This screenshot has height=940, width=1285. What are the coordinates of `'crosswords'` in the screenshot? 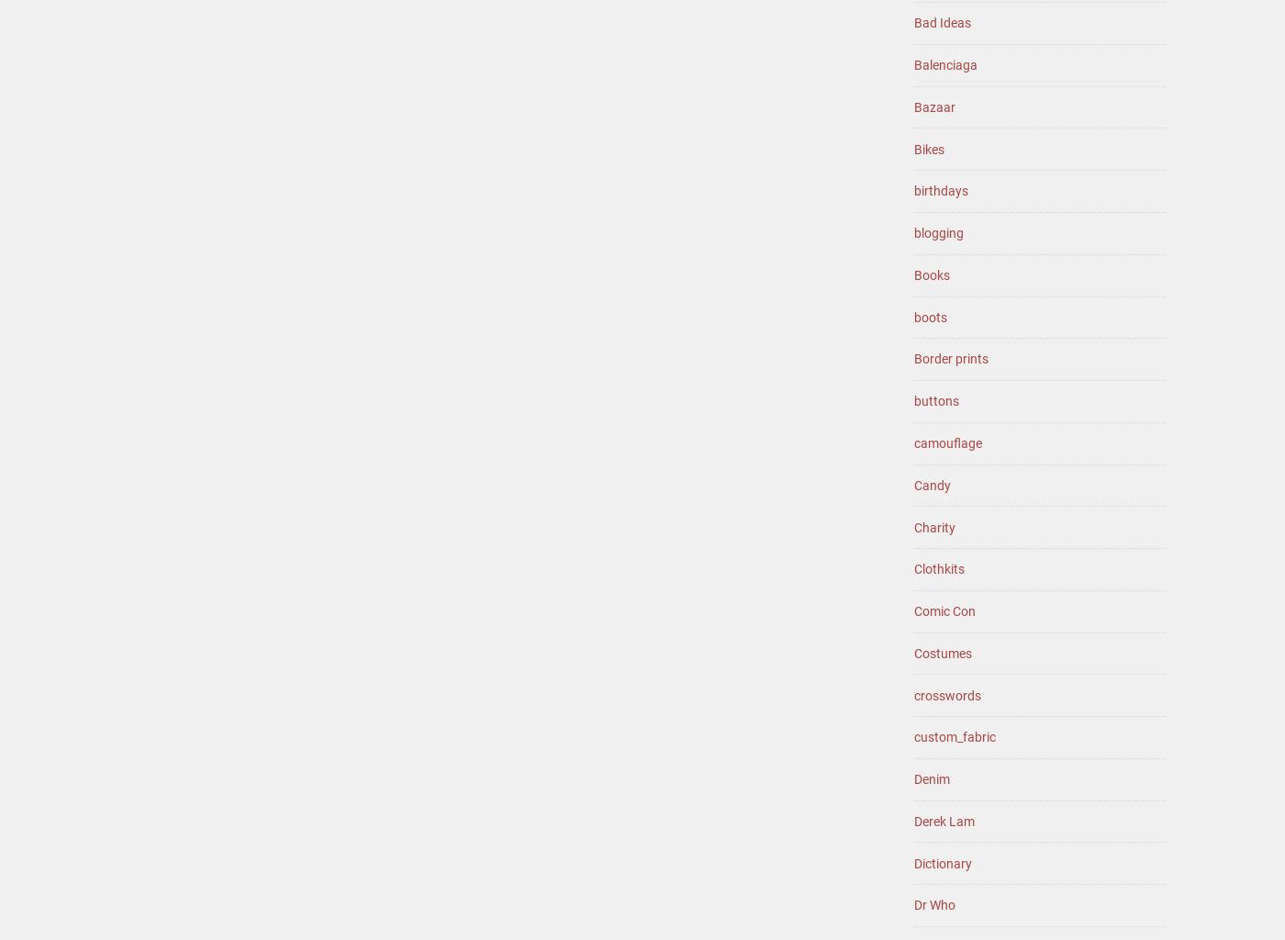 It's located at (947, 694).